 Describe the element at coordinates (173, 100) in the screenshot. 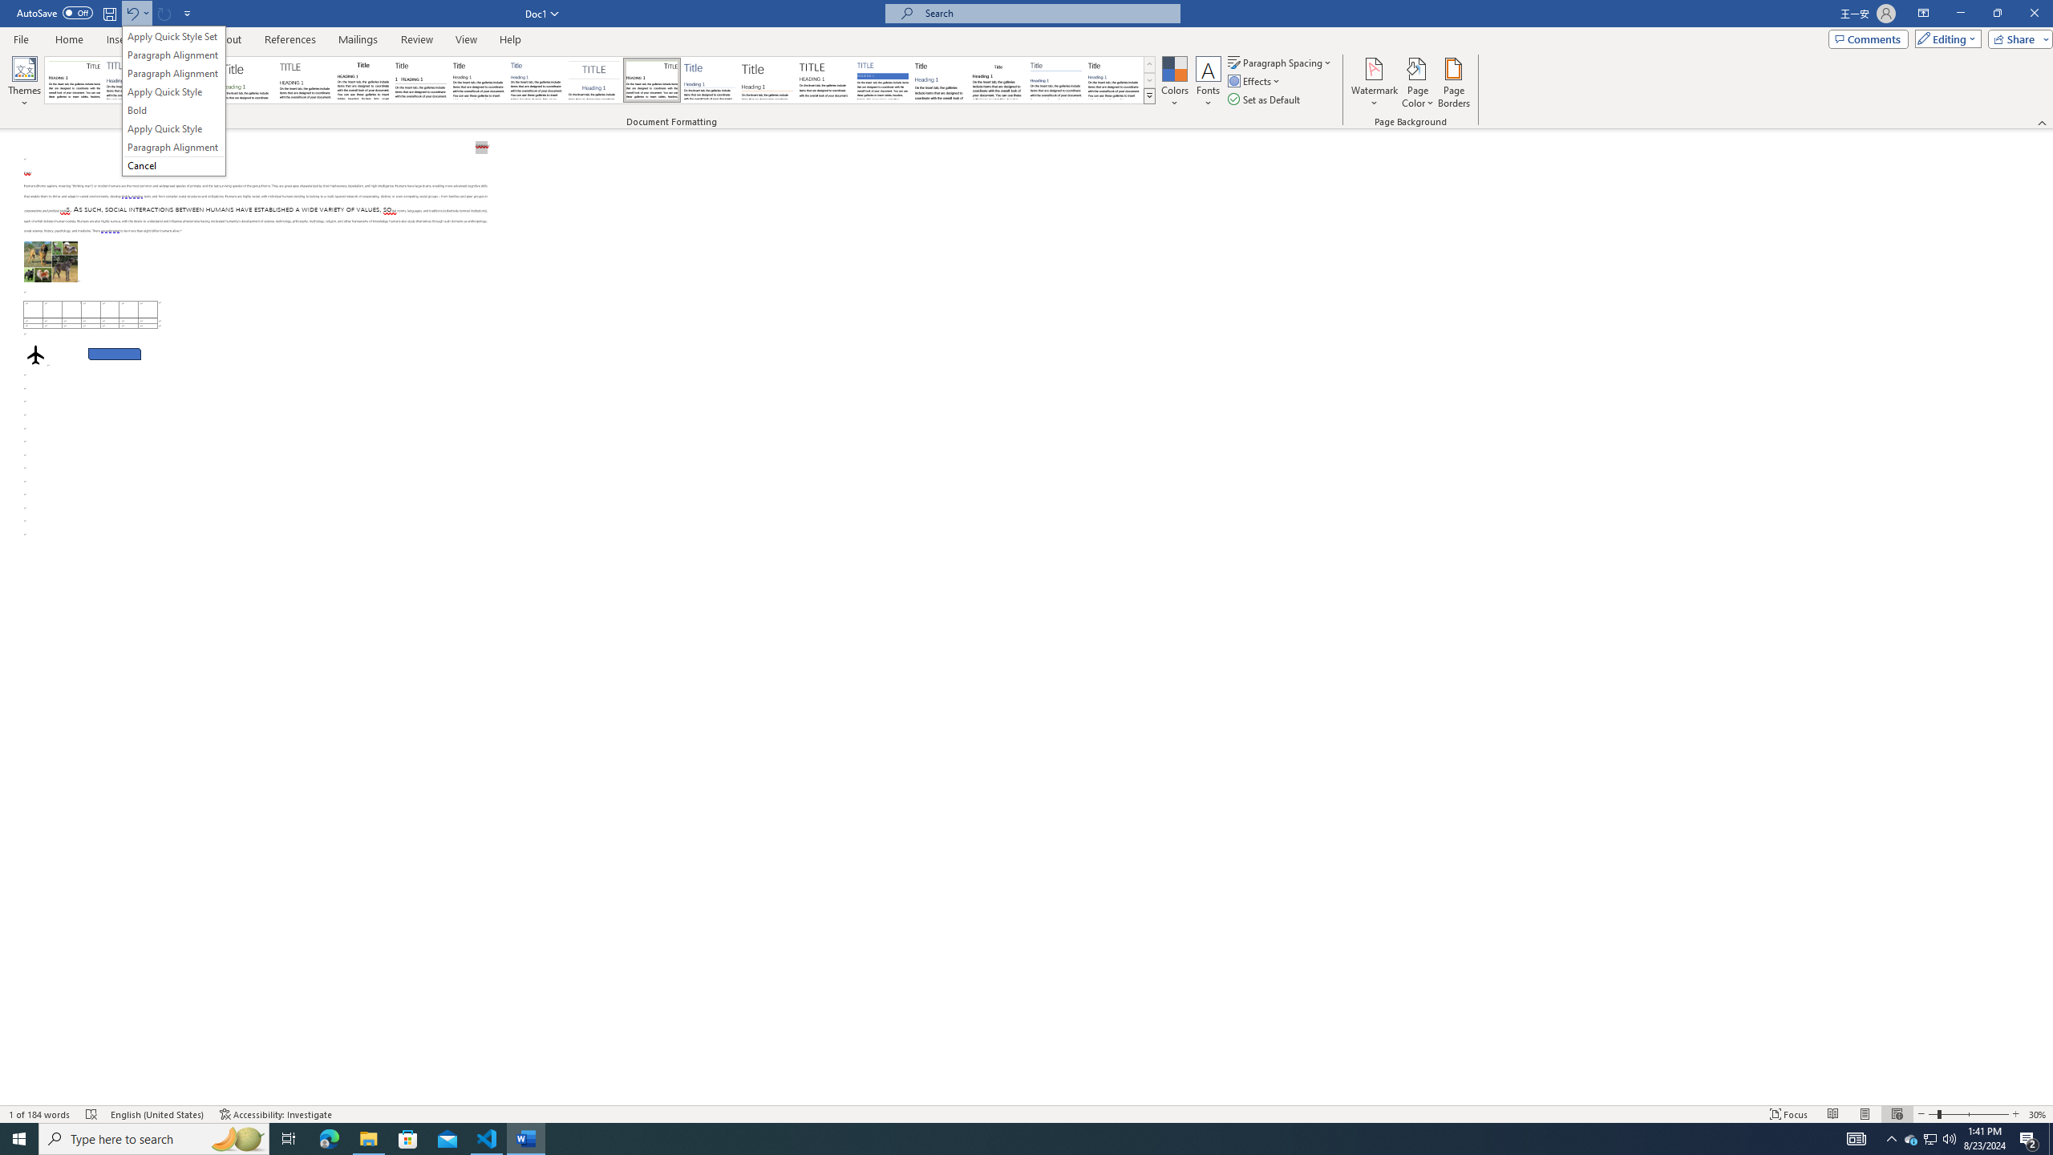

I see `'&Undo Apply Quick Style Set'` at that location.